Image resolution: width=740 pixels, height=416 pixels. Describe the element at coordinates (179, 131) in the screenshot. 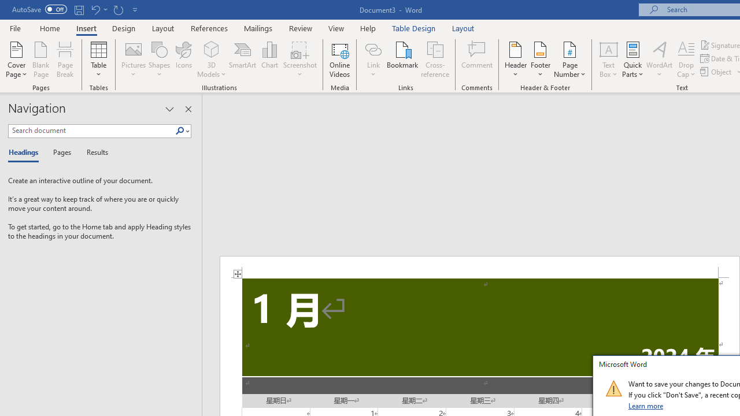

I see `'Search'` at that location.